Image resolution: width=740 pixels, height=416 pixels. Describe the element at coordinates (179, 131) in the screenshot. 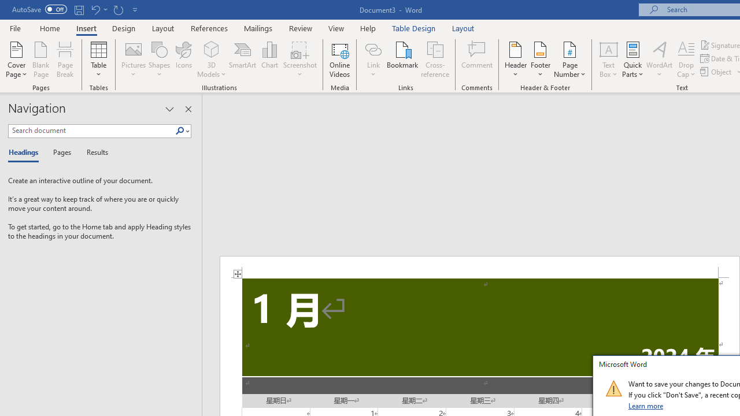

I see `'Search'` at that location.